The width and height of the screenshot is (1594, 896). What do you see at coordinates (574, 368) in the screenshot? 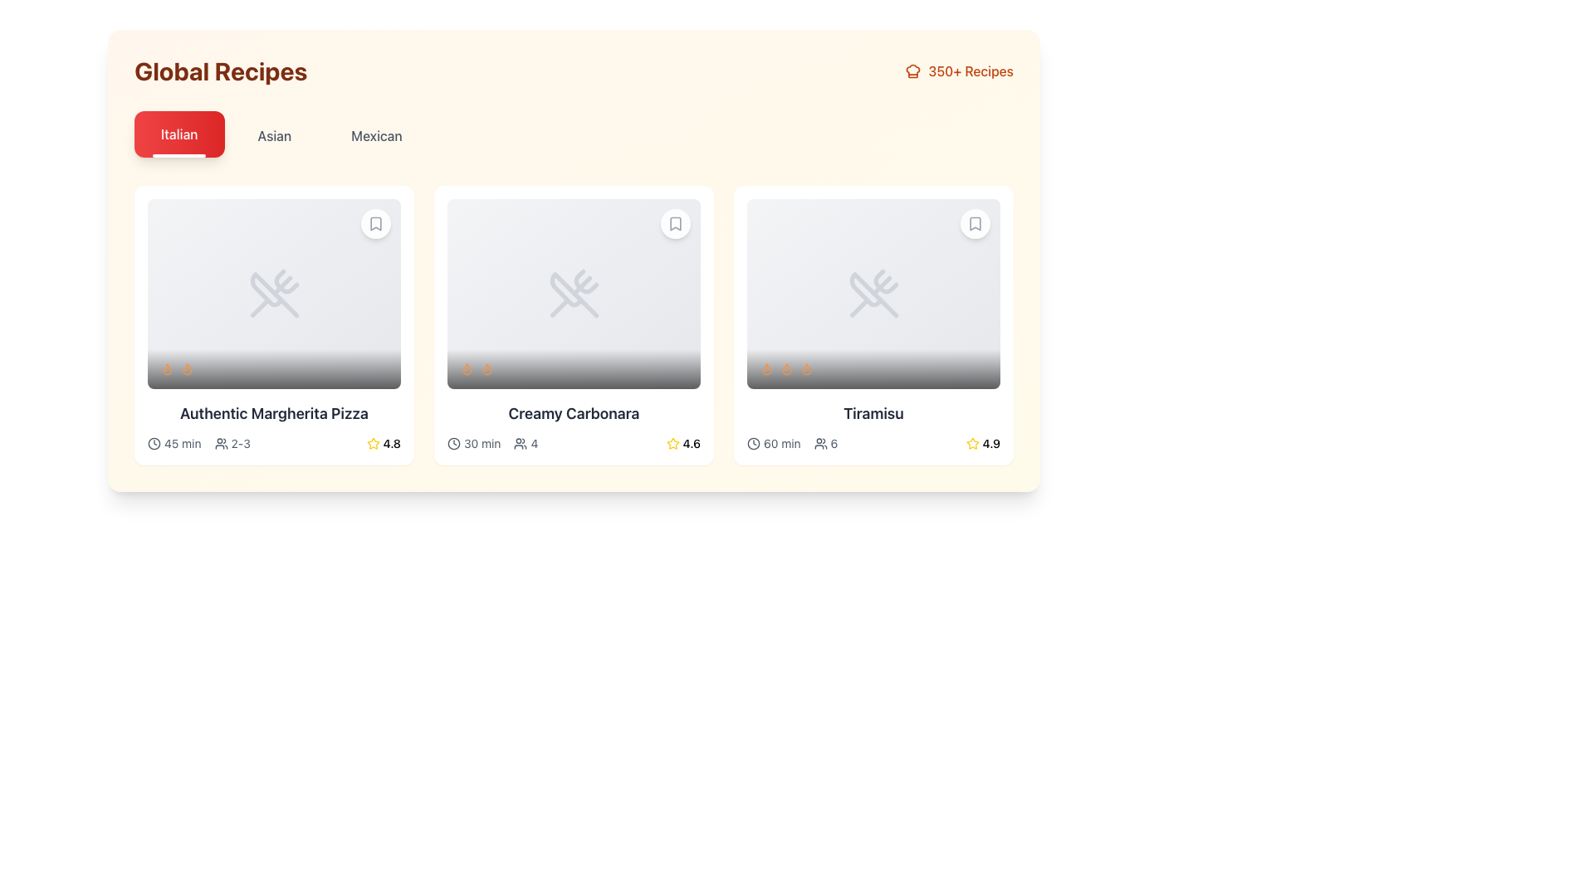
I see `the gradient background bar at the bottom of the 'Creamy Carbonara' recipe card, which transitions from black to transparent and spans the width of the card` at bounding box center [574, 368].